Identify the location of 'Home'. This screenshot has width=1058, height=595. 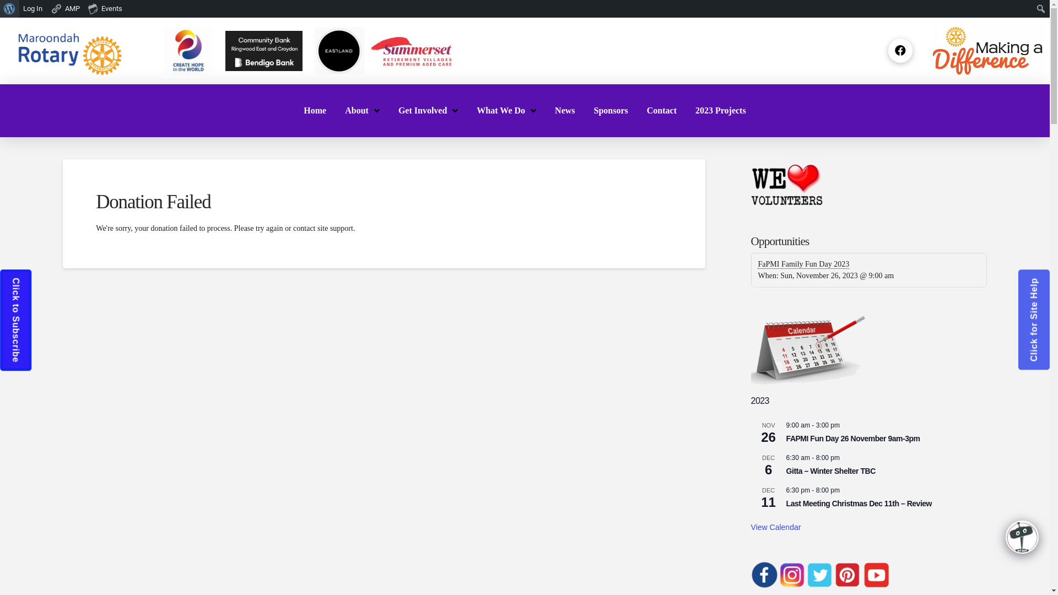
(314, 110).